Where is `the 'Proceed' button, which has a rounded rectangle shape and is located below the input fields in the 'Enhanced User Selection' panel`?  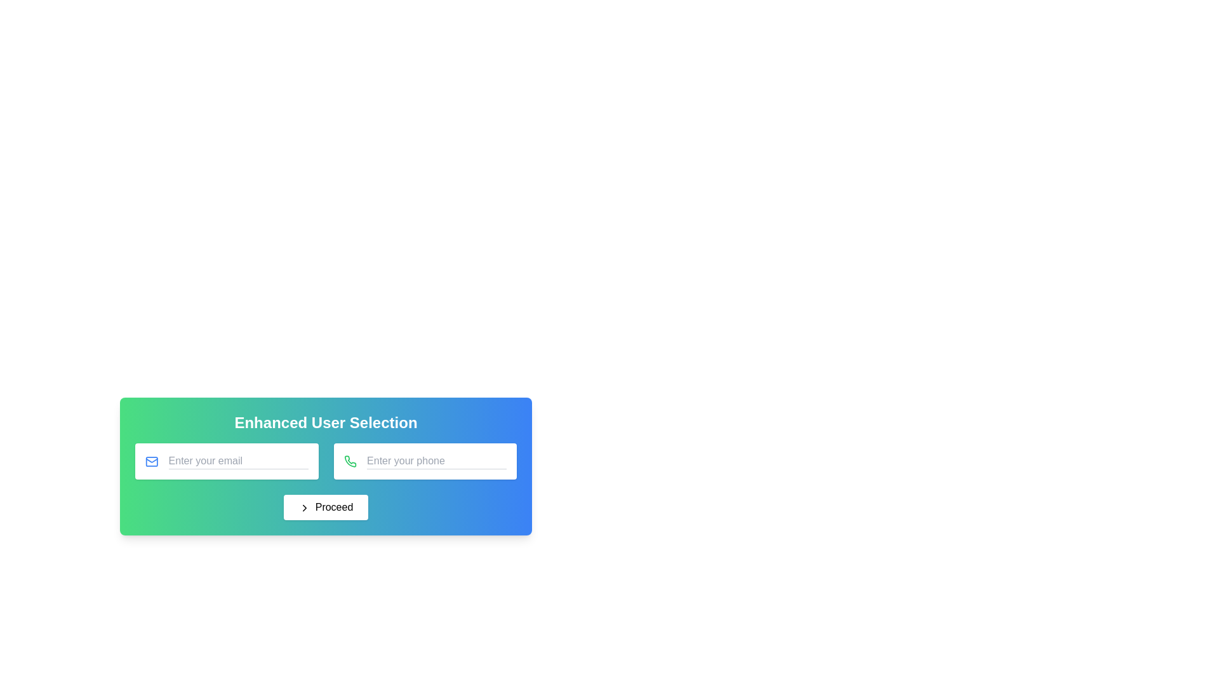 the 'Proceed' button, which has a rounded rectangle shape and is located below the input fields in the 'Enhanced User Selection' panel is located at coordinates (326, 506).